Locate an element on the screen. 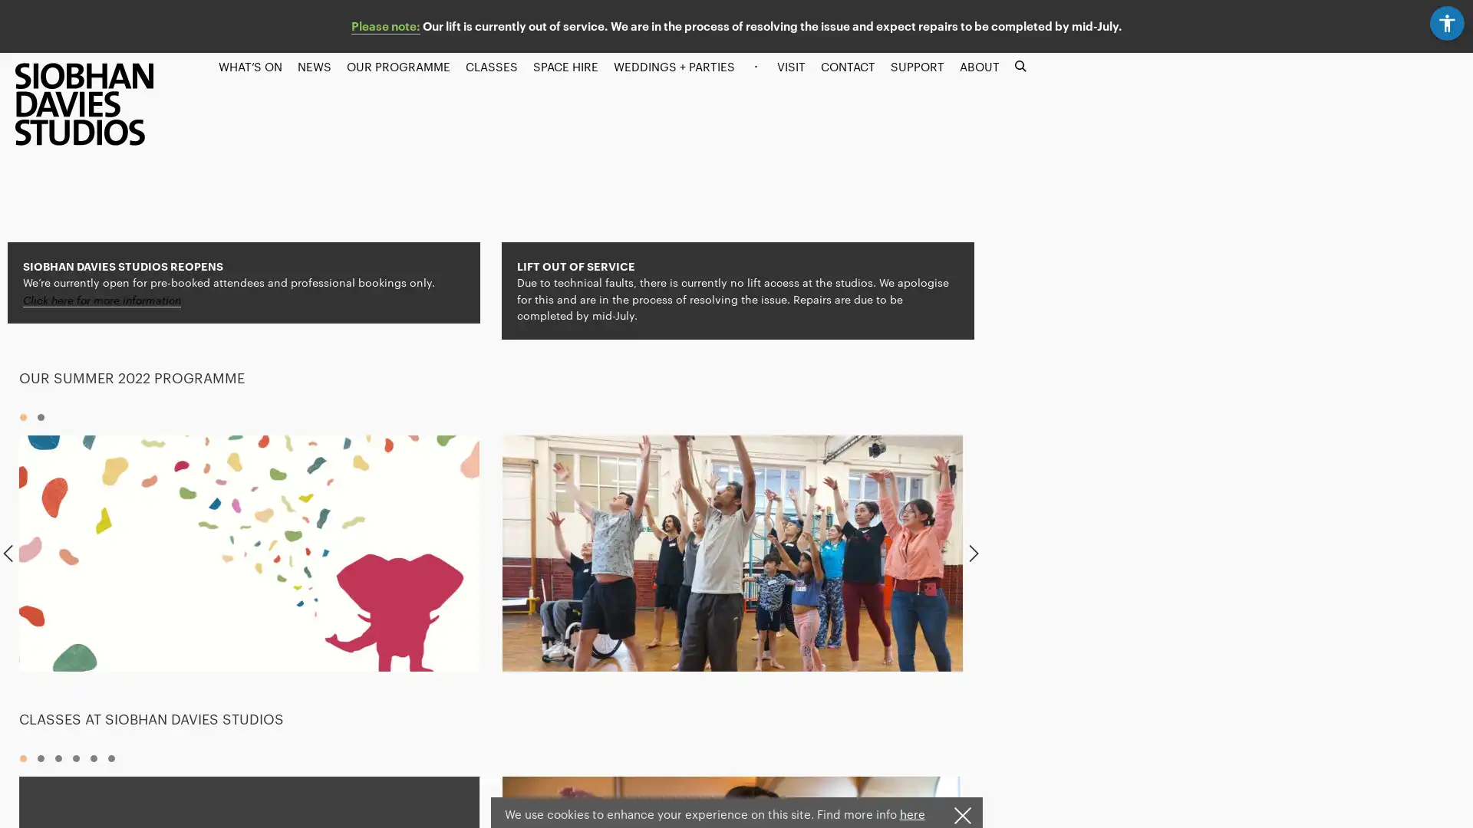 The height and width of the screenshot is (828, 1473). Accessibility settings is located at coordinates (1449, 18).